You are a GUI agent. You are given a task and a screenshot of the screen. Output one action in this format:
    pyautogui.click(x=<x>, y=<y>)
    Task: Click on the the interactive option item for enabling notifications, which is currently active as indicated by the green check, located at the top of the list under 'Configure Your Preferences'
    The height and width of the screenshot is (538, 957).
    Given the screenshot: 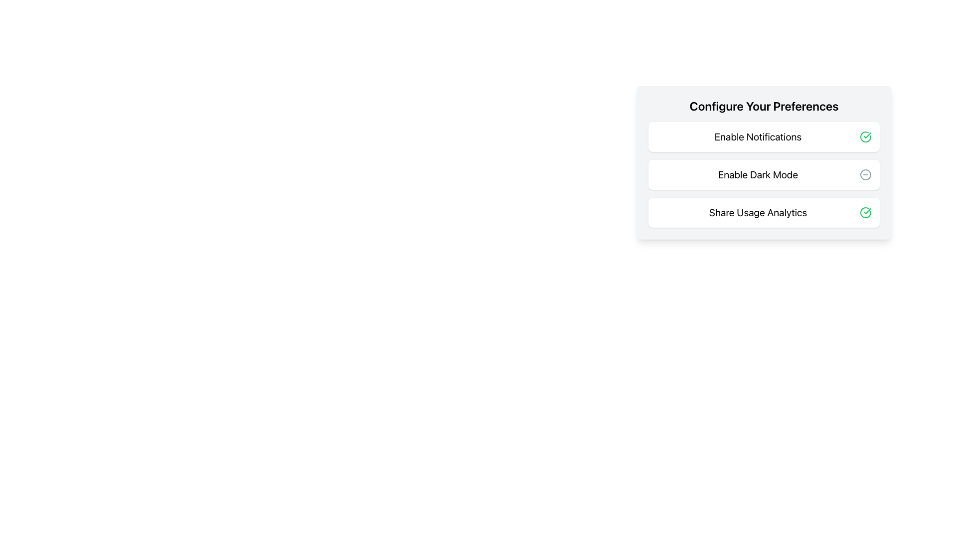 What is the action you would take?
    pyautogui.click(x=763, y=136)
    